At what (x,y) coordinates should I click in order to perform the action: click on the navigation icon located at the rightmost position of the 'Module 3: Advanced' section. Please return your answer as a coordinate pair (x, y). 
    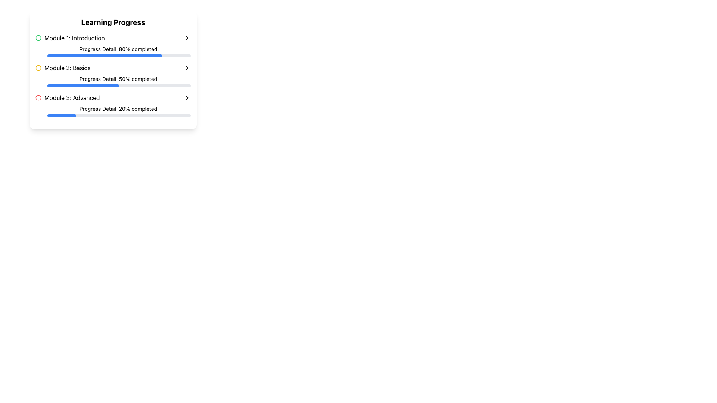
    Looking at the image, I should click on (187, 97).